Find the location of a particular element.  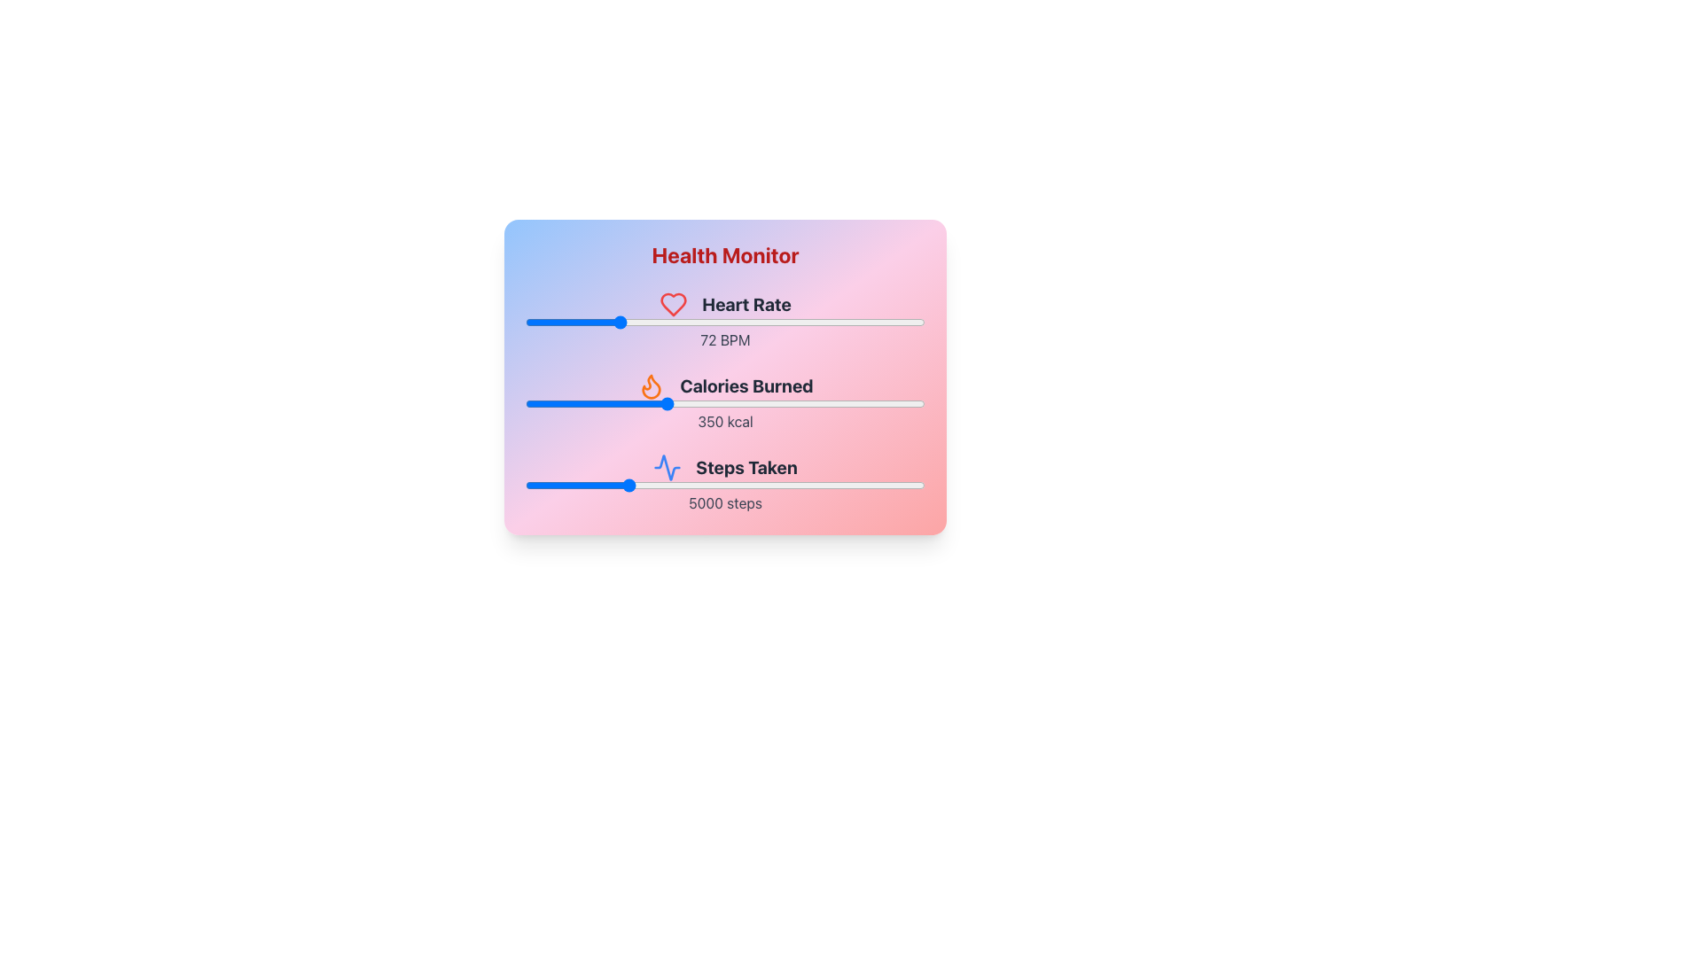

the step count is located at coordinates (692, 485).